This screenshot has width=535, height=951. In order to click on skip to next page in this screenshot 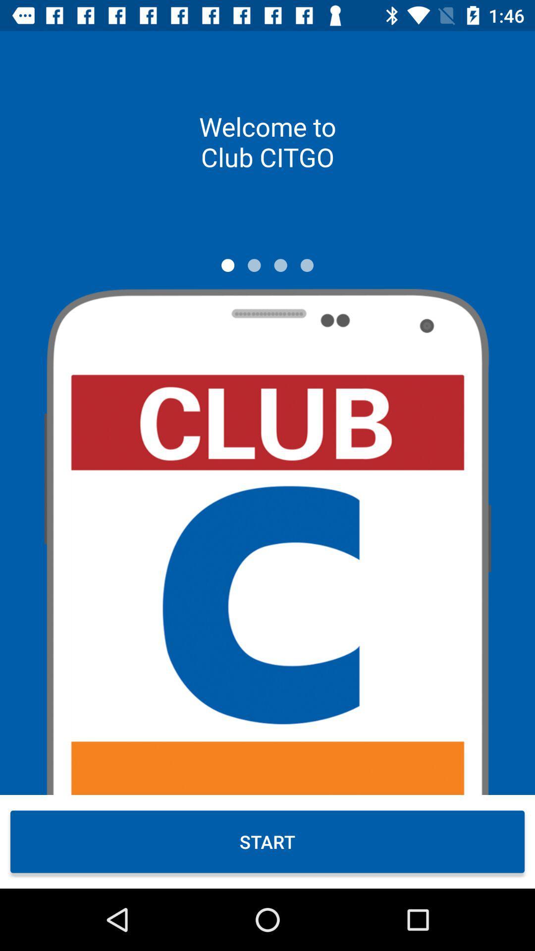, I will do `click(254, 265)`.